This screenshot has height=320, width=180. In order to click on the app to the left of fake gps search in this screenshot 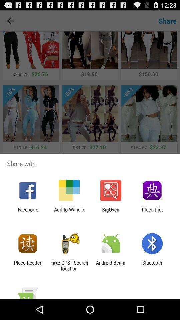, I will do `click(27, 265)`.